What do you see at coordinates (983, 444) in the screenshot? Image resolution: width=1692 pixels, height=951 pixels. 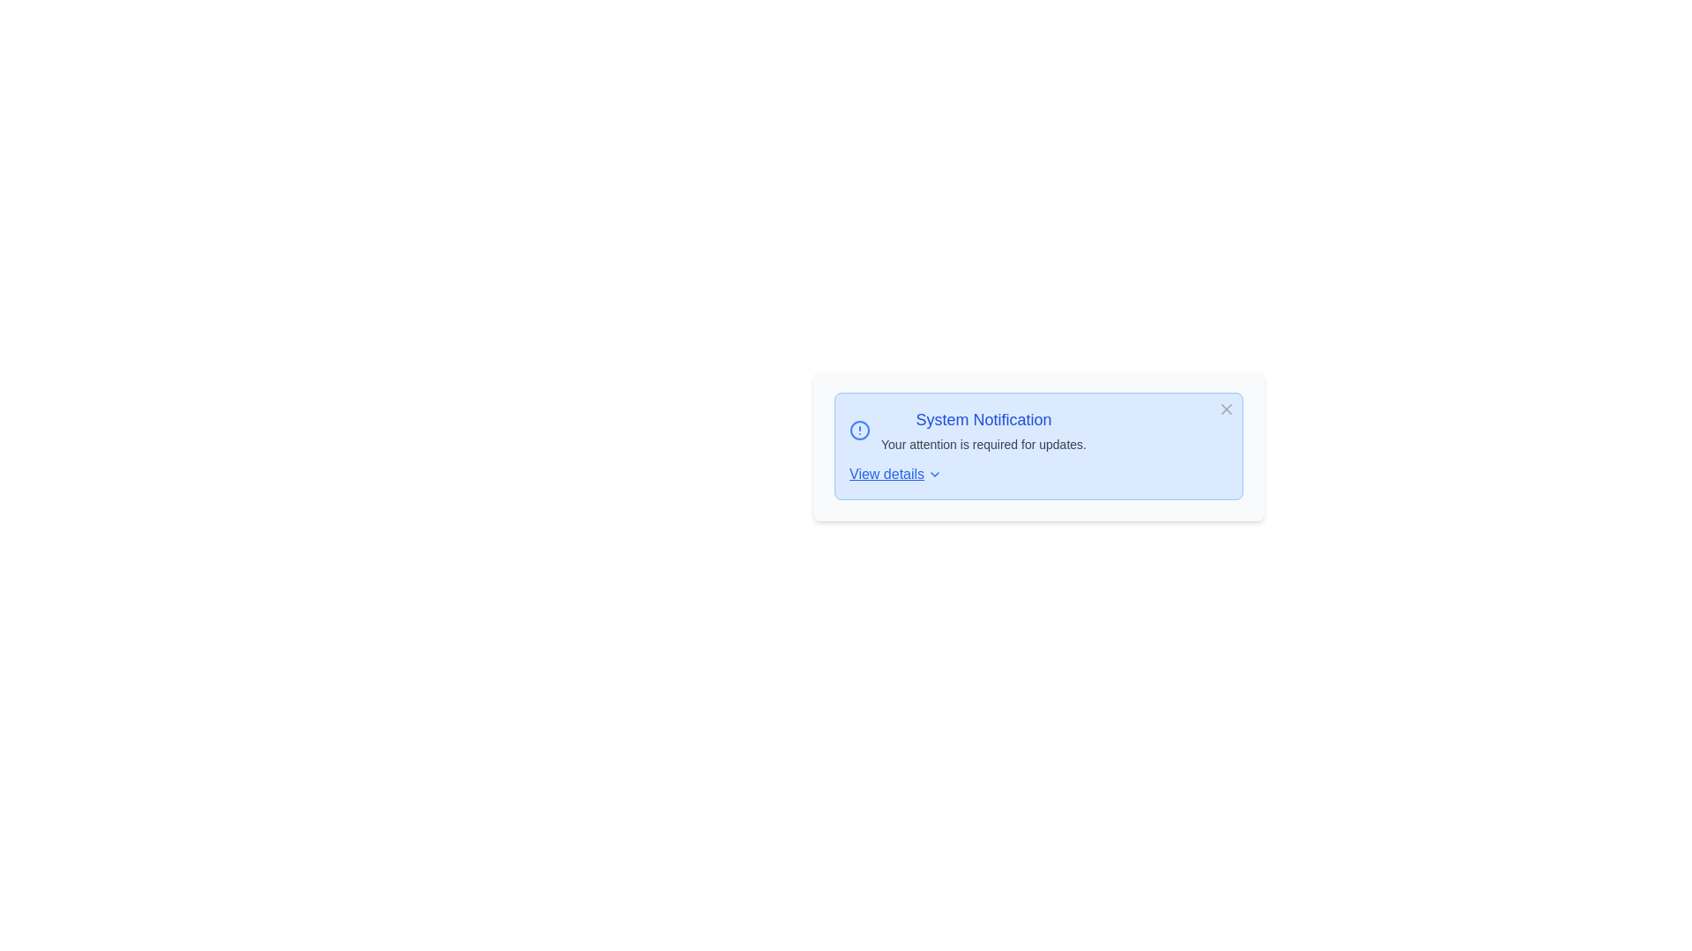 I see `the informational message text component that is positioned below the 'System Notification' title within the notification card` at bounding box center [983, 444].